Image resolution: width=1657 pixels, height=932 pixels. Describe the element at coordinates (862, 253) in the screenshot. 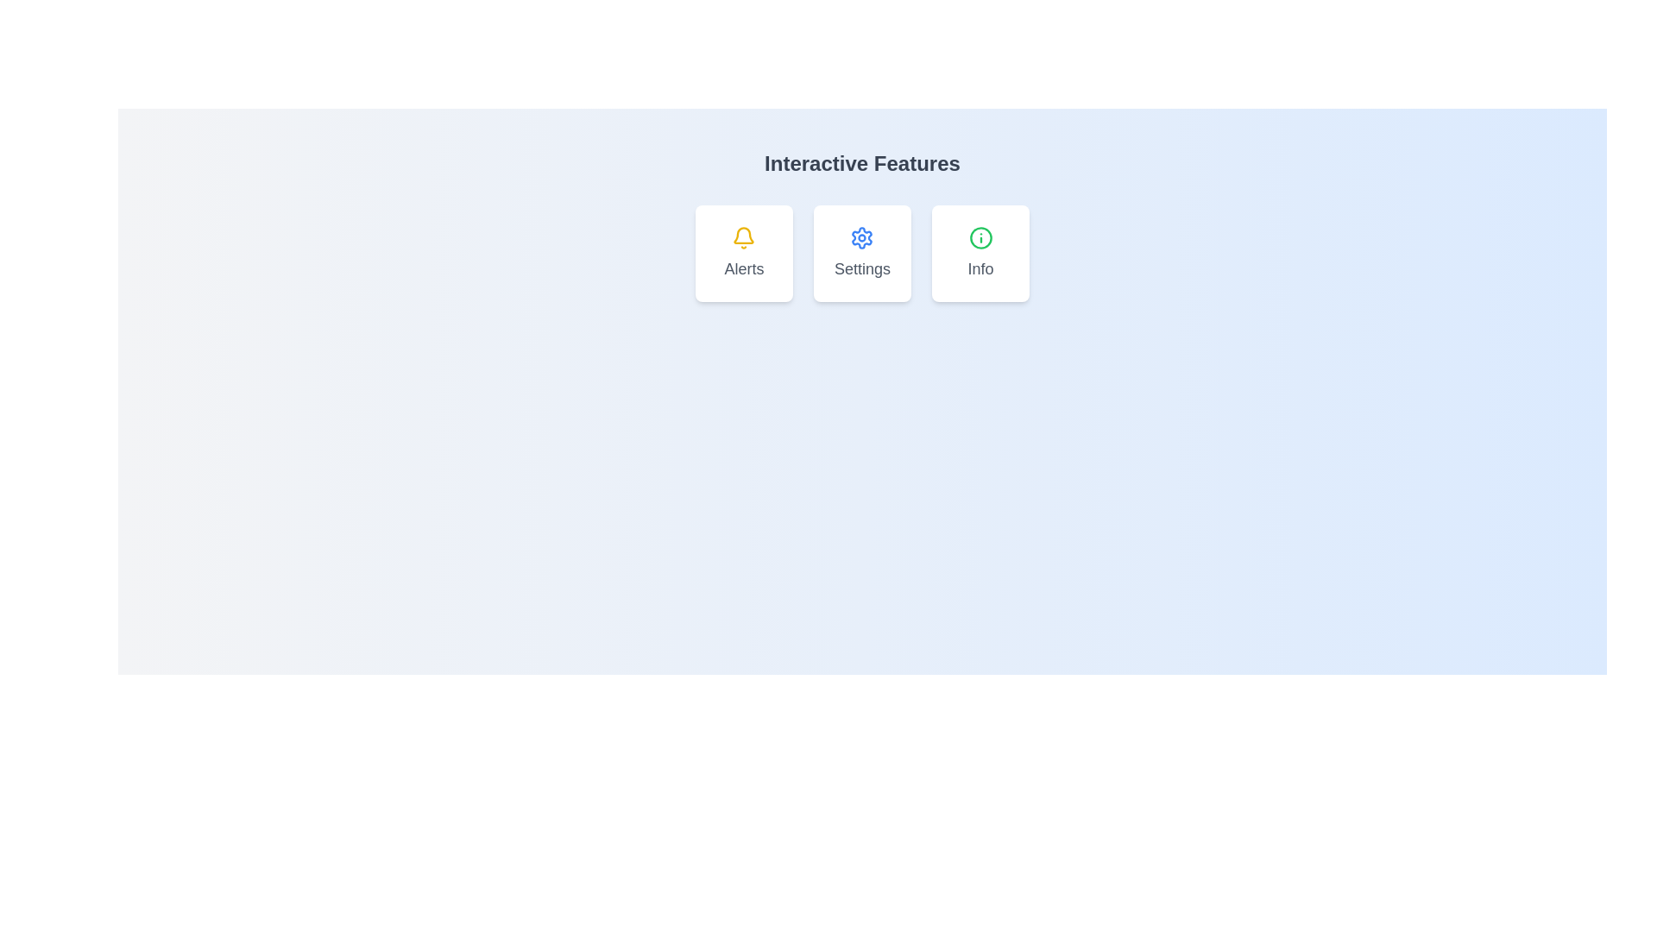

I see `the 'Settings' interactive card which features a blue gear icon and the text 'Settings' in gray, located in the middle of three horizontally aligned cards` at that location.